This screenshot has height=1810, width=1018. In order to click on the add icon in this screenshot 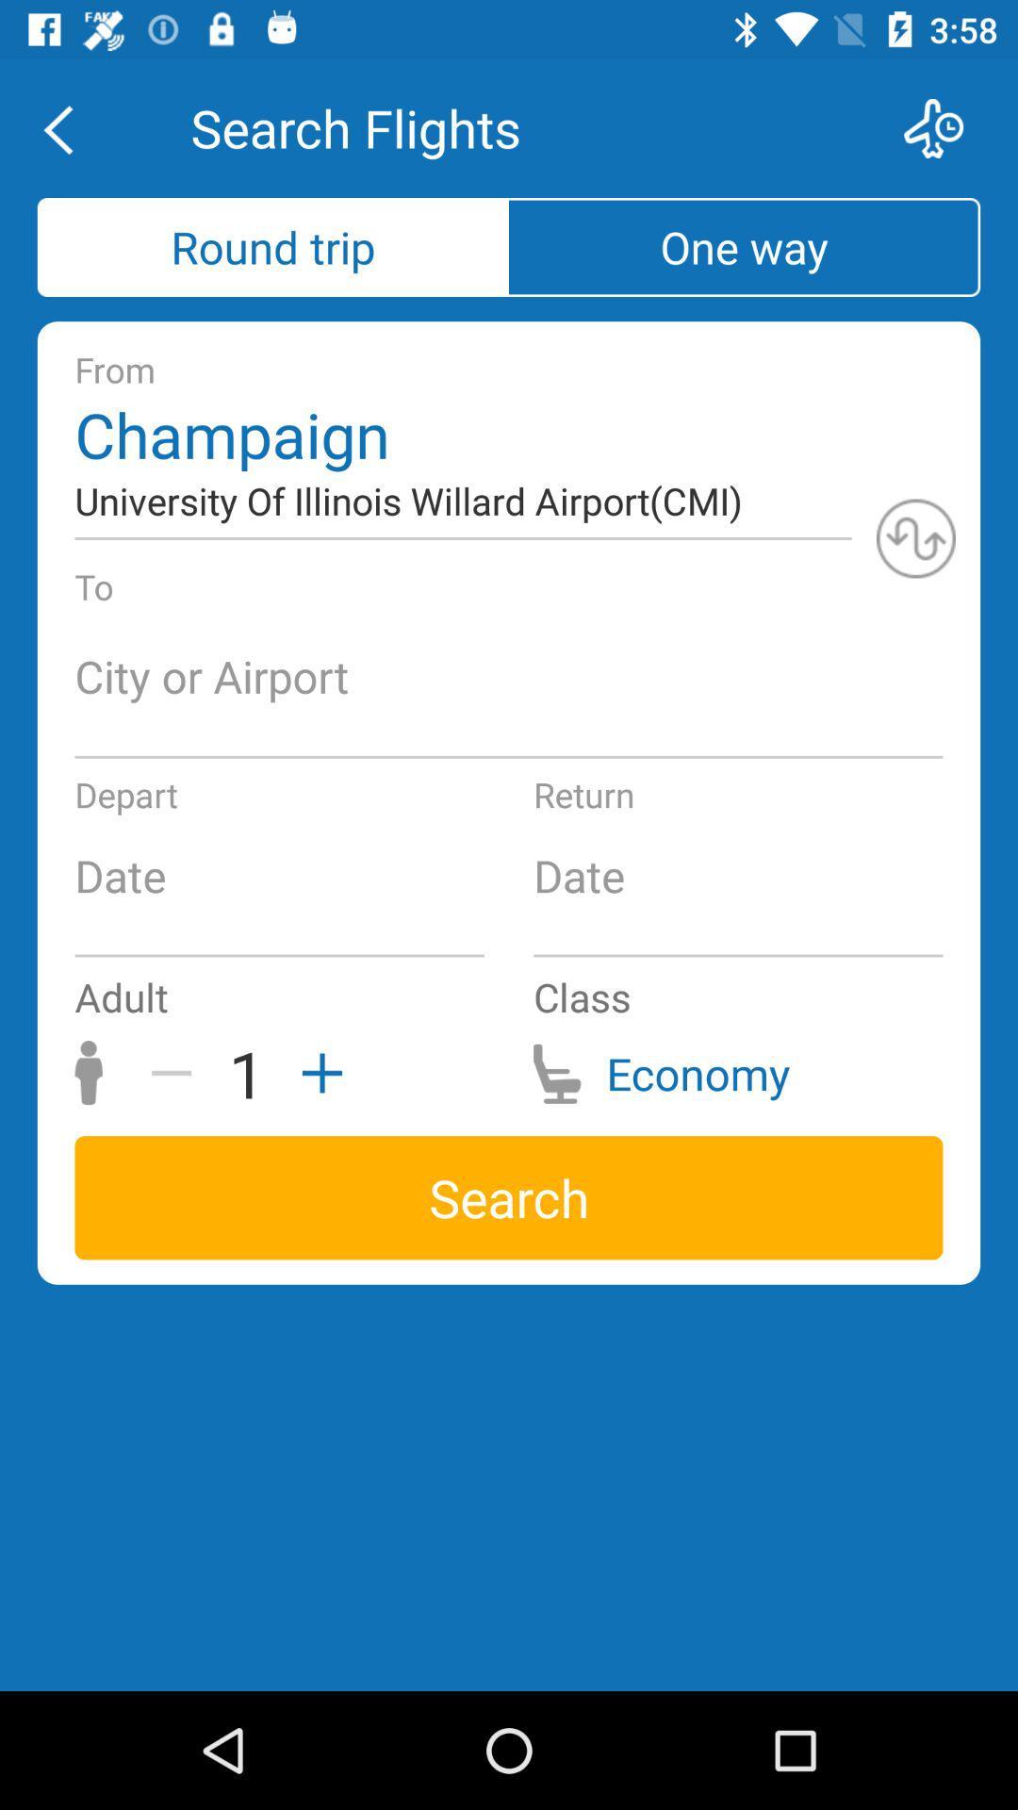, I will do `click(315, 1073)`.